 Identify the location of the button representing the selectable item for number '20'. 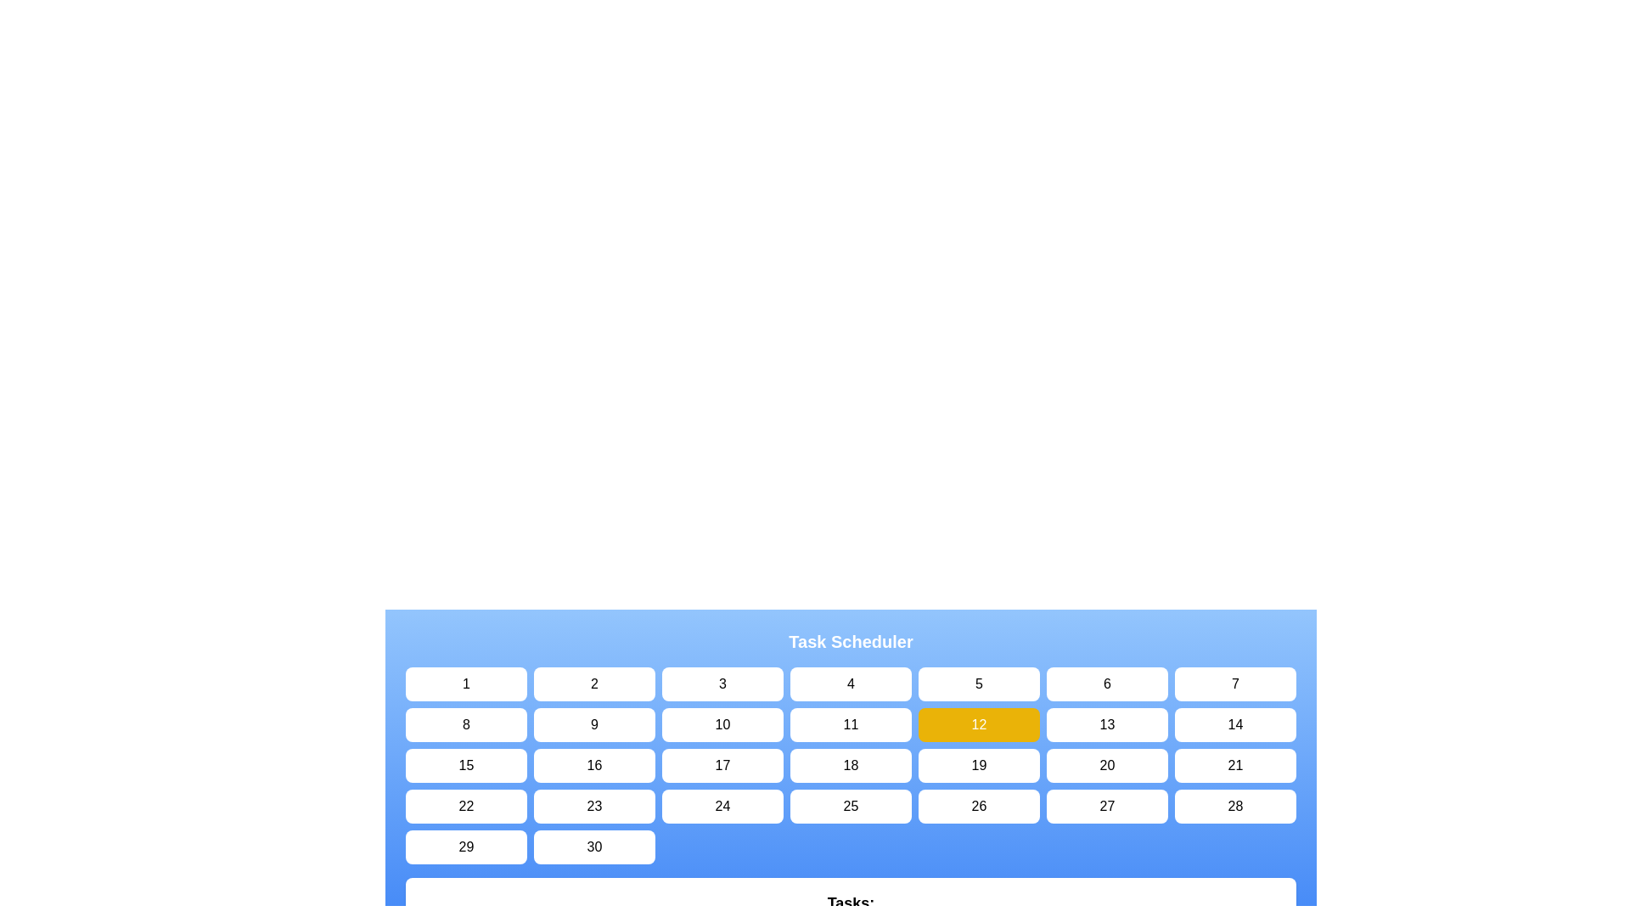
(1107, 766).